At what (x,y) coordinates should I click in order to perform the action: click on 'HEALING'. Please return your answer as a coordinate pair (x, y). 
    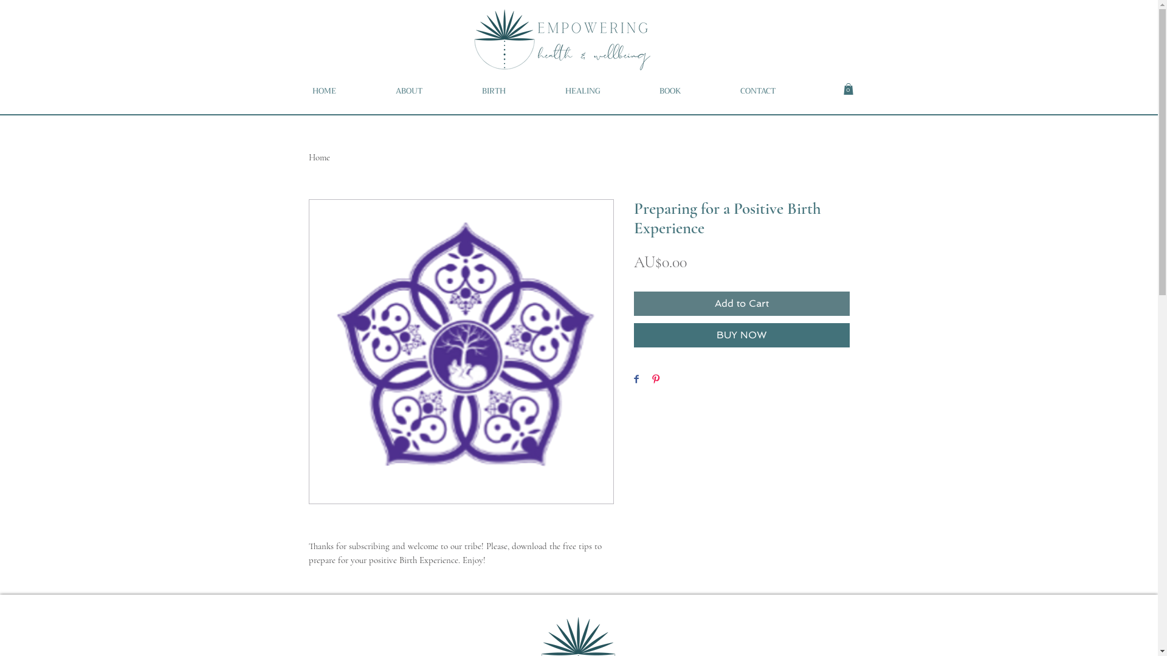
    Looking at the image, I should click on (602, 91).